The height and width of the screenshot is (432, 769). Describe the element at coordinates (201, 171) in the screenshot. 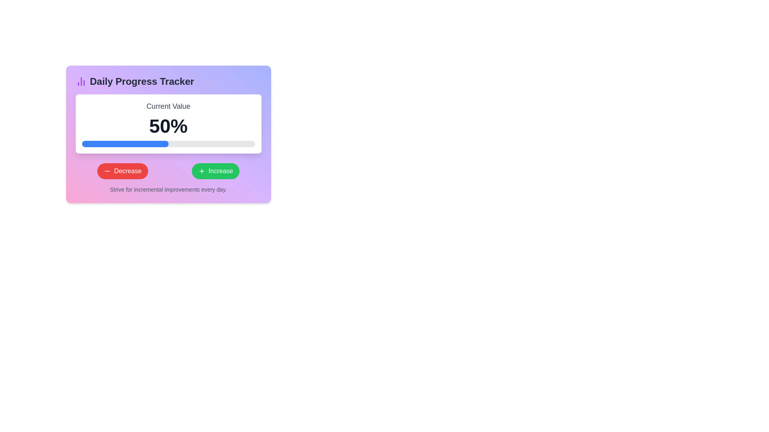

I see `the green 'Increase' button located in the bottom-right part of the interface` at that location.